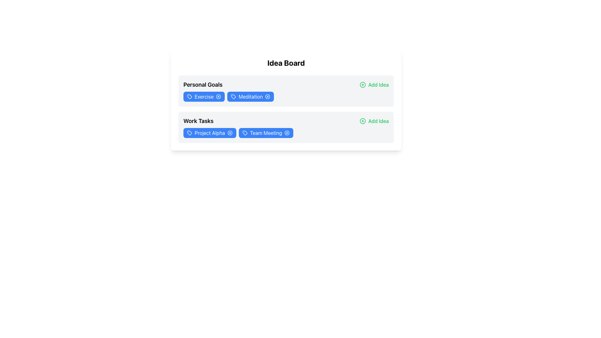 The image size is (601, 338). I want to click on the Circular Icon with a Cross located next to the 'Exercise' label in the 'Personal Goals' section, so click(218, 96).